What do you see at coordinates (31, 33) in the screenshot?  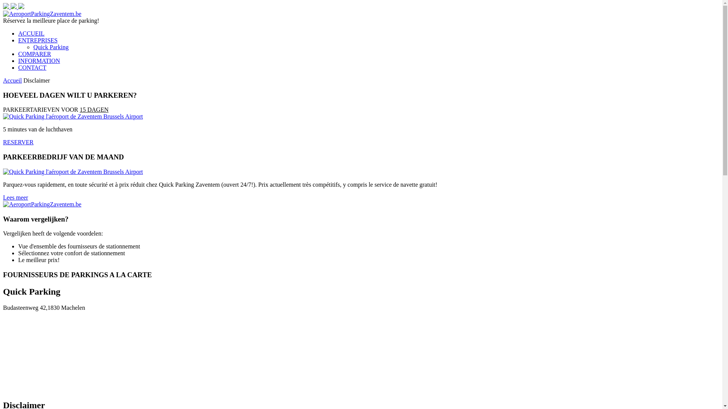 I see `'ACCUEIL'` at bounding box center [31, 33].